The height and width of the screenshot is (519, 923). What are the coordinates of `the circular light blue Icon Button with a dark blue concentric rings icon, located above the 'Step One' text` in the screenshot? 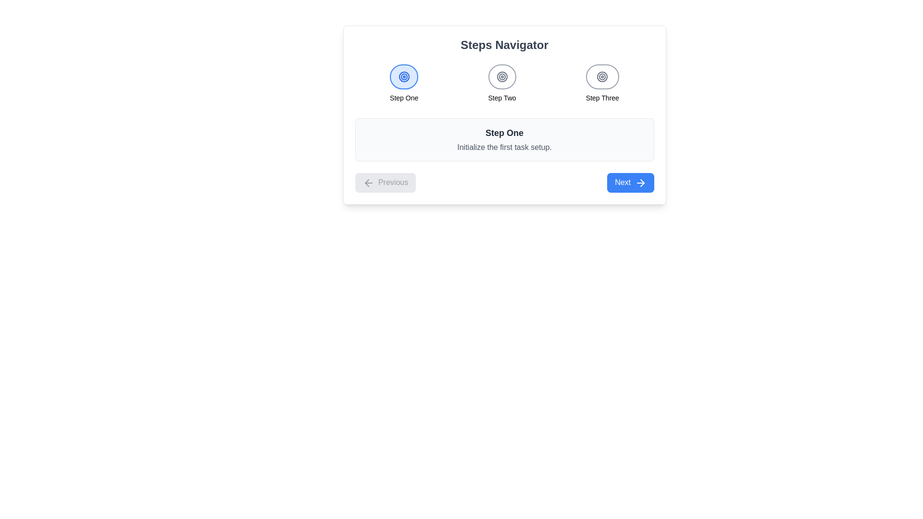 It's located at (404, 76).